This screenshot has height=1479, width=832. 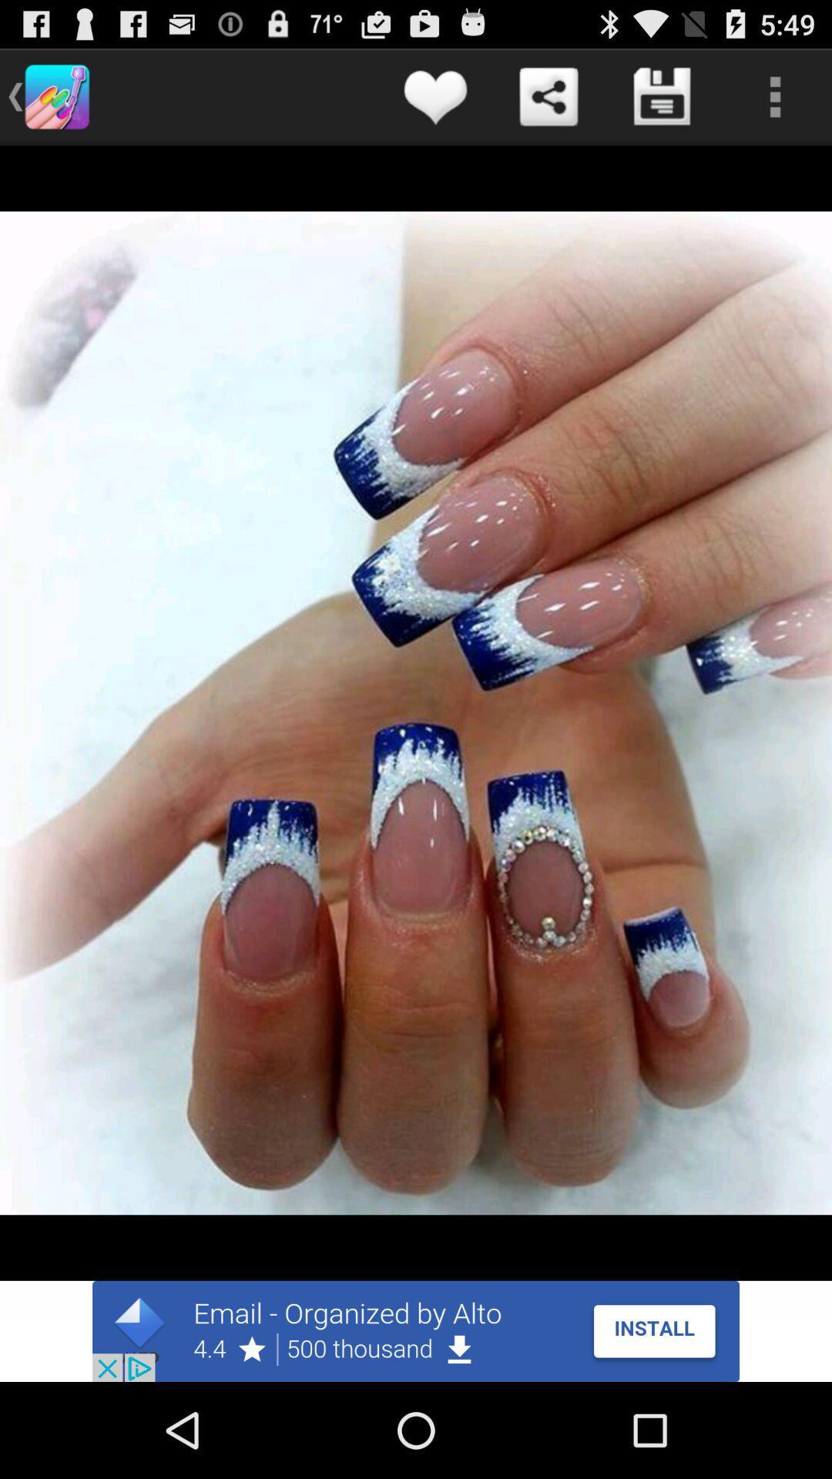 What do you see at coordinates (416, 1330) in the screenshot?
I see `open advertisement` at bounding box center [416, 1330].